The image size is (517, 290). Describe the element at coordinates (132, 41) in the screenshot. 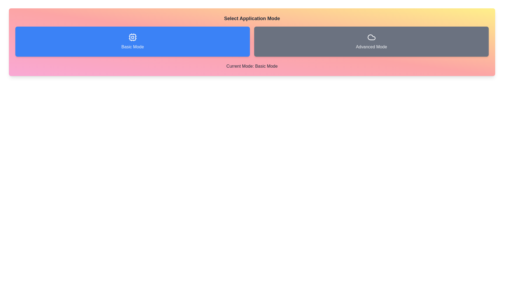

I see `the 'Basic Mode' button to observe its hover effect` at that location.